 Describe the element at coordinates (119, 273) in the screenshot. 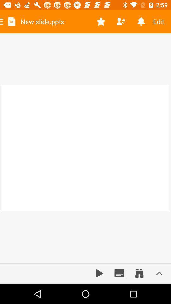

I see `document box` at that location.